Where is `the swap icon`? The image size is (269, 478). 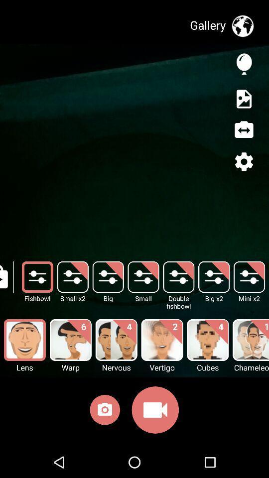 the swap icon is located at coordinates (243, 129).